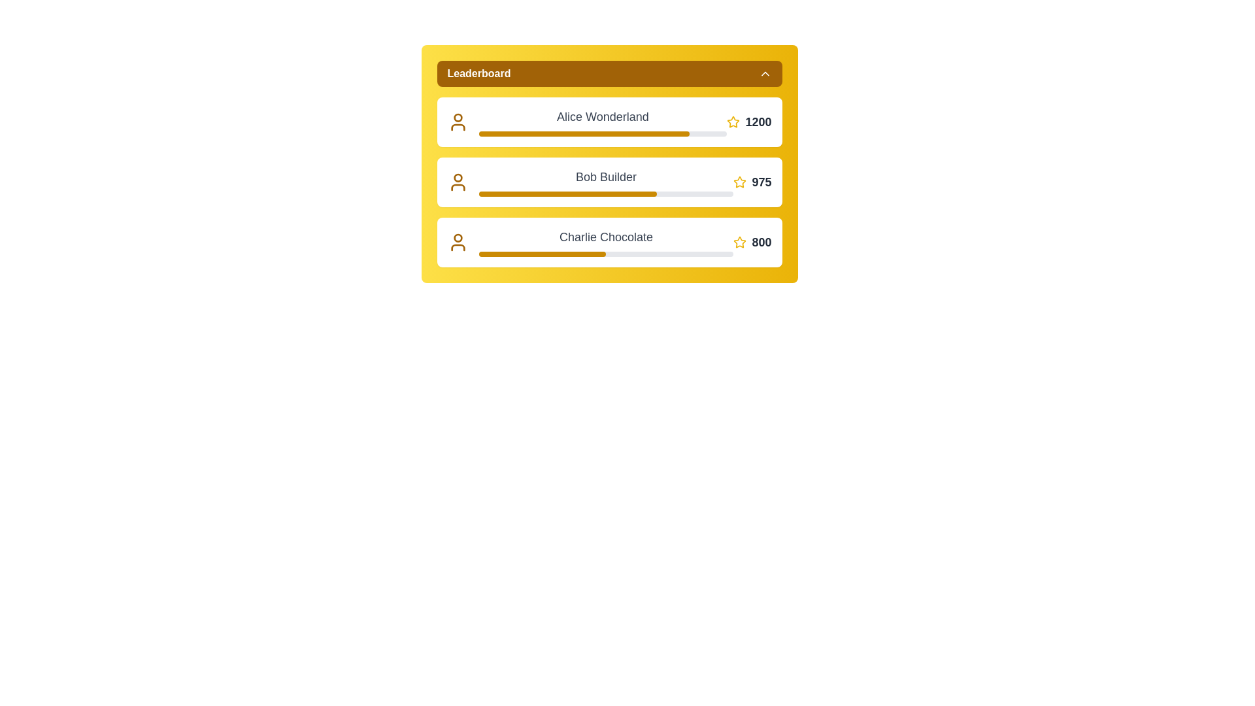 The width and height of the screenshot is (1255, 706). I want to click on the numerical score or rank Text Label for user 'Charlie Chocolate' in the leaderboard, located at the end of the corresponding row and aligned with the yellow star icon, so click(761, 242).